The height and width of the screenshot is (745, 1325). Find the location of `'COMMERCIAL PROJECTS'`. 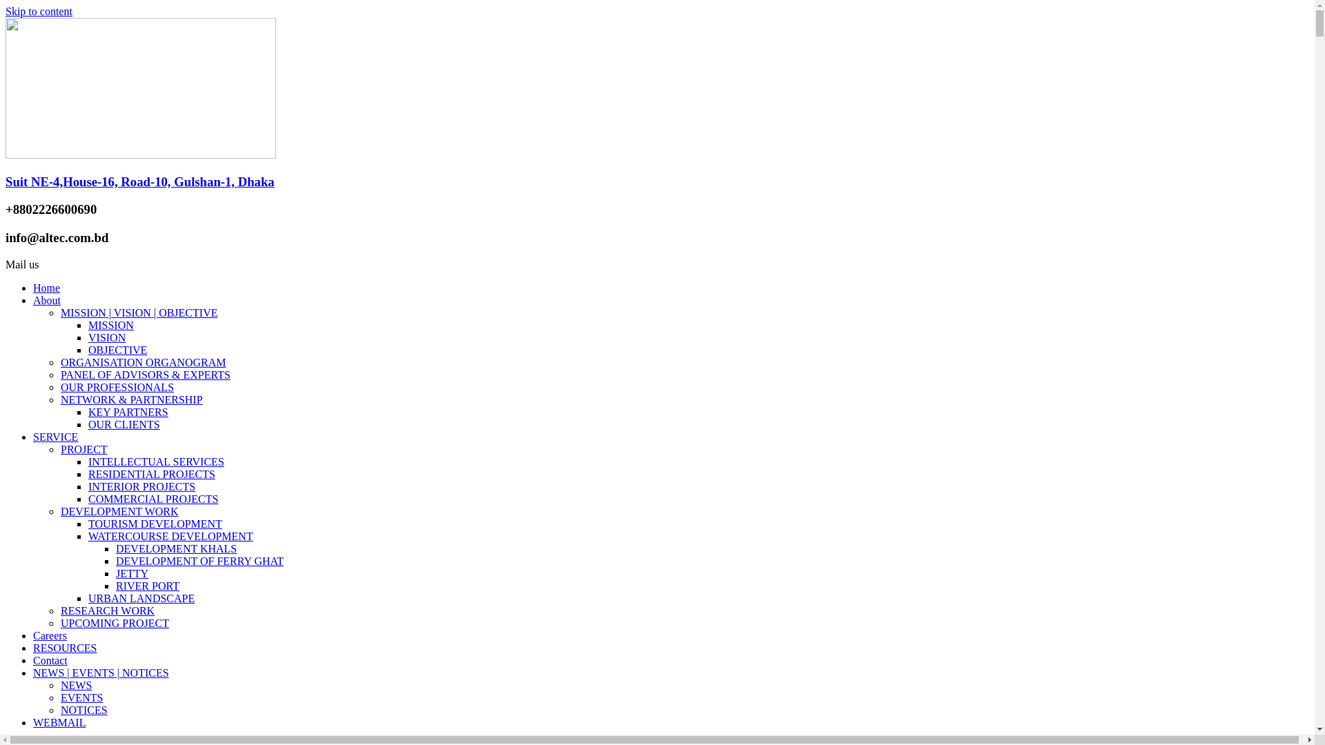

'COMMERCIAL PROJECTS' is located at coordinates (153, 499).